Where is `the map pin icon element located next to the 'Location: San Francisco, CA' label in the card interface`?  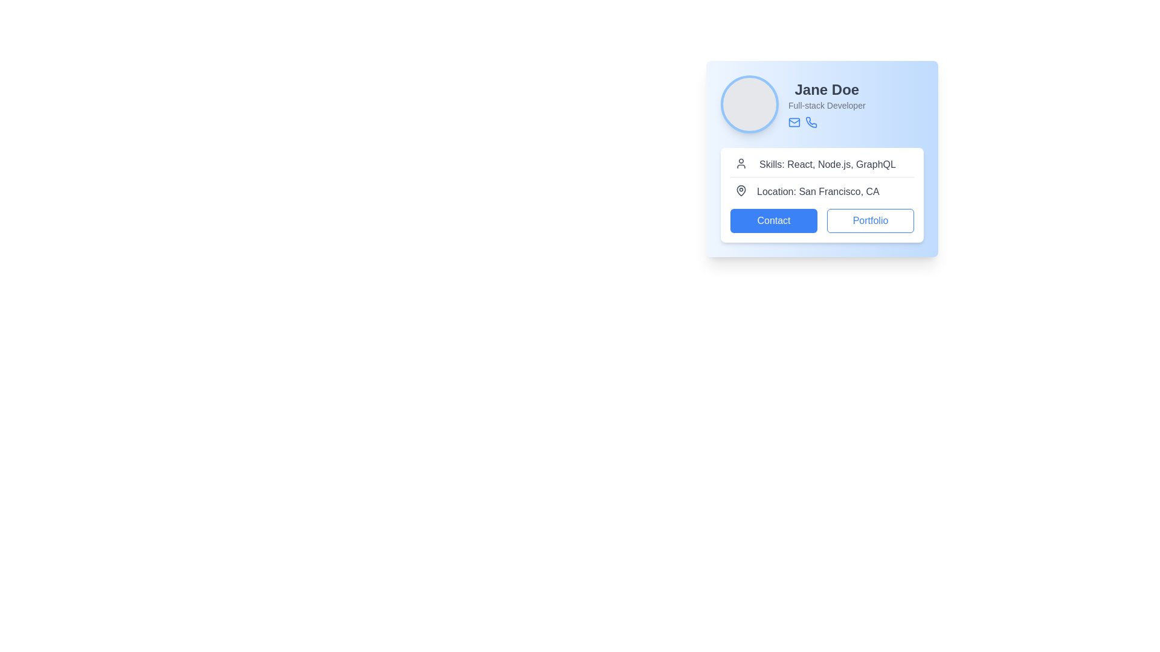
the map pin icon element located next to the 'Location: San Francisco, CA' label in the card interface is located at coordinates (741, 190).